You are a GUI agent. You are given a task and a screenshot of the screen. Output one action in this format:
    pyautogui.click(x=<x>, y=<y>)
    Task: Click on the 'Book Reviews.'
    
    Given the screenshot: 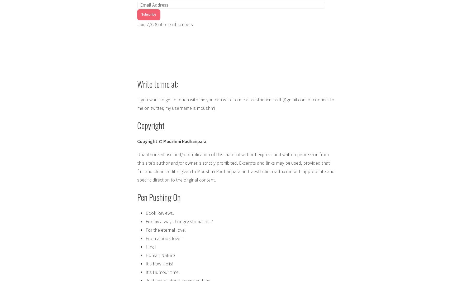 What is the action you would take?
    pyautogui.click(x=159, y=213)
    